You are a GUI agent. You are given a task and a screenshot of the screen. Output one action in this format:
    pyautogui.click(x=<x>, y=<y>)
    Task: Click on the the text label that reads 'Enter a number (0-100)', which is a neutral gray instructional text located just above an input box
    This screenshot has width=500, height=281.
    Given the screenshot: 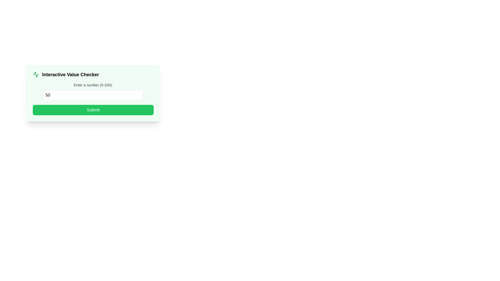 What is the action you would take?
    pyautogui.click(x=93, y=85)
    